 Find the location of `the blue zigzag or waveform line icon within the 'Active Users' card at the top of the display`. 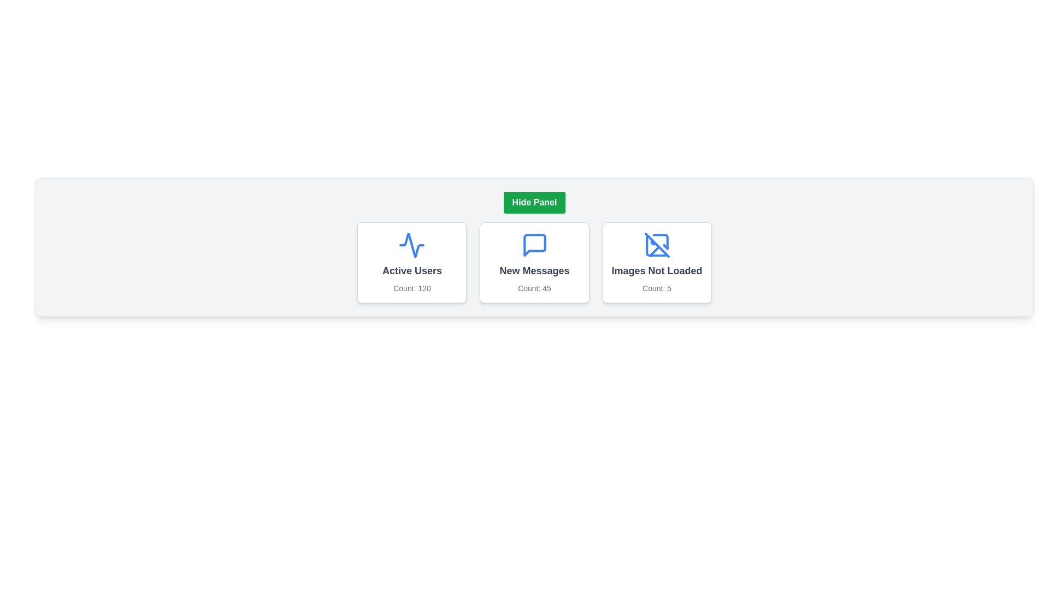

the blue zigzag or waveform line icon within the 'Active Users' card at the top of the display is located at coordinates (411, 244).